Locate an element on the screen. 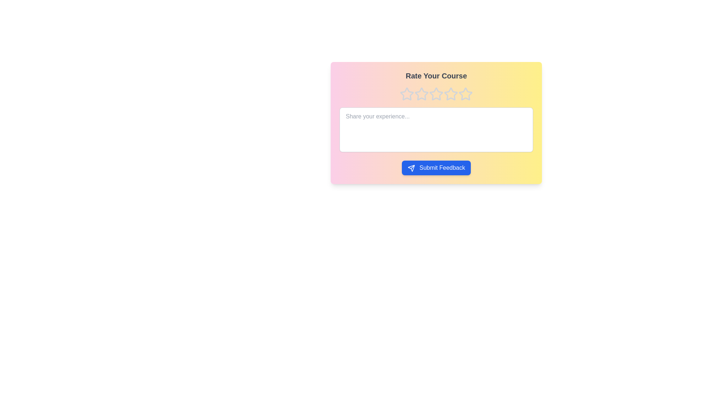  on the third star in the rating section is located at coordinates (436, 94).